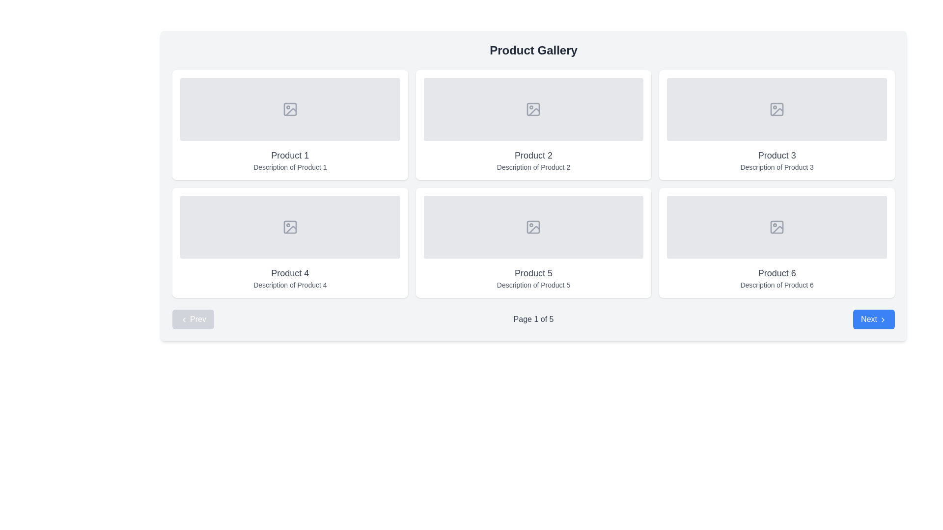  I want to click on the leftmost navigation button that allows users to go to the previous page in a paginated view, located to the left of 'Page 1 of 5', so click(193, 319).